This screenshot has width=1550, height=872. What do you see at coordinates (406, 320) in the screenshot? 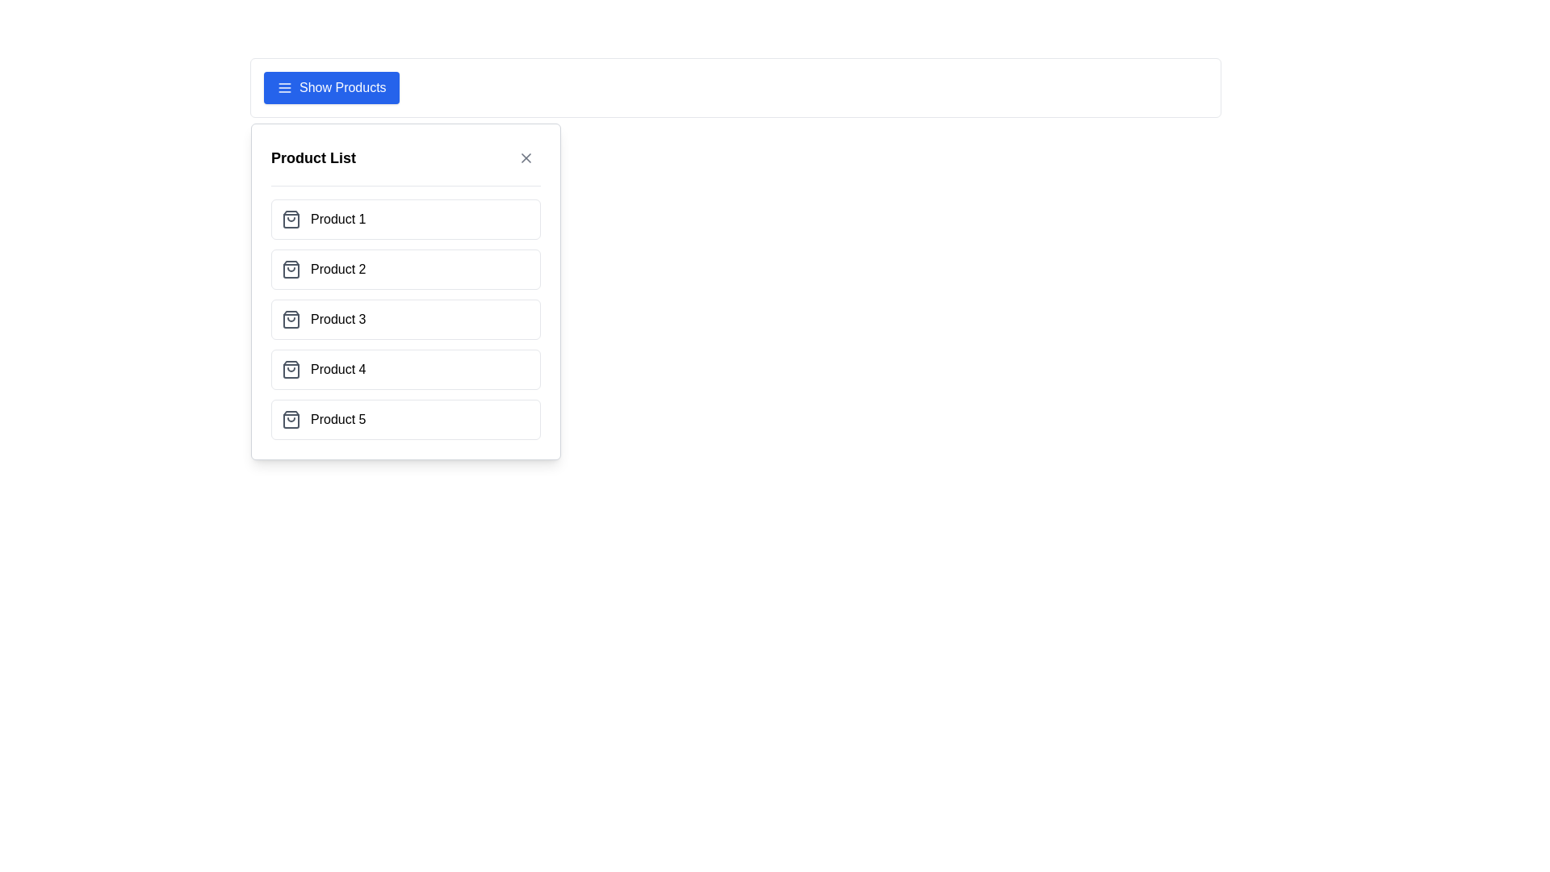
I see `the third item` at bounding box center [406, 320].